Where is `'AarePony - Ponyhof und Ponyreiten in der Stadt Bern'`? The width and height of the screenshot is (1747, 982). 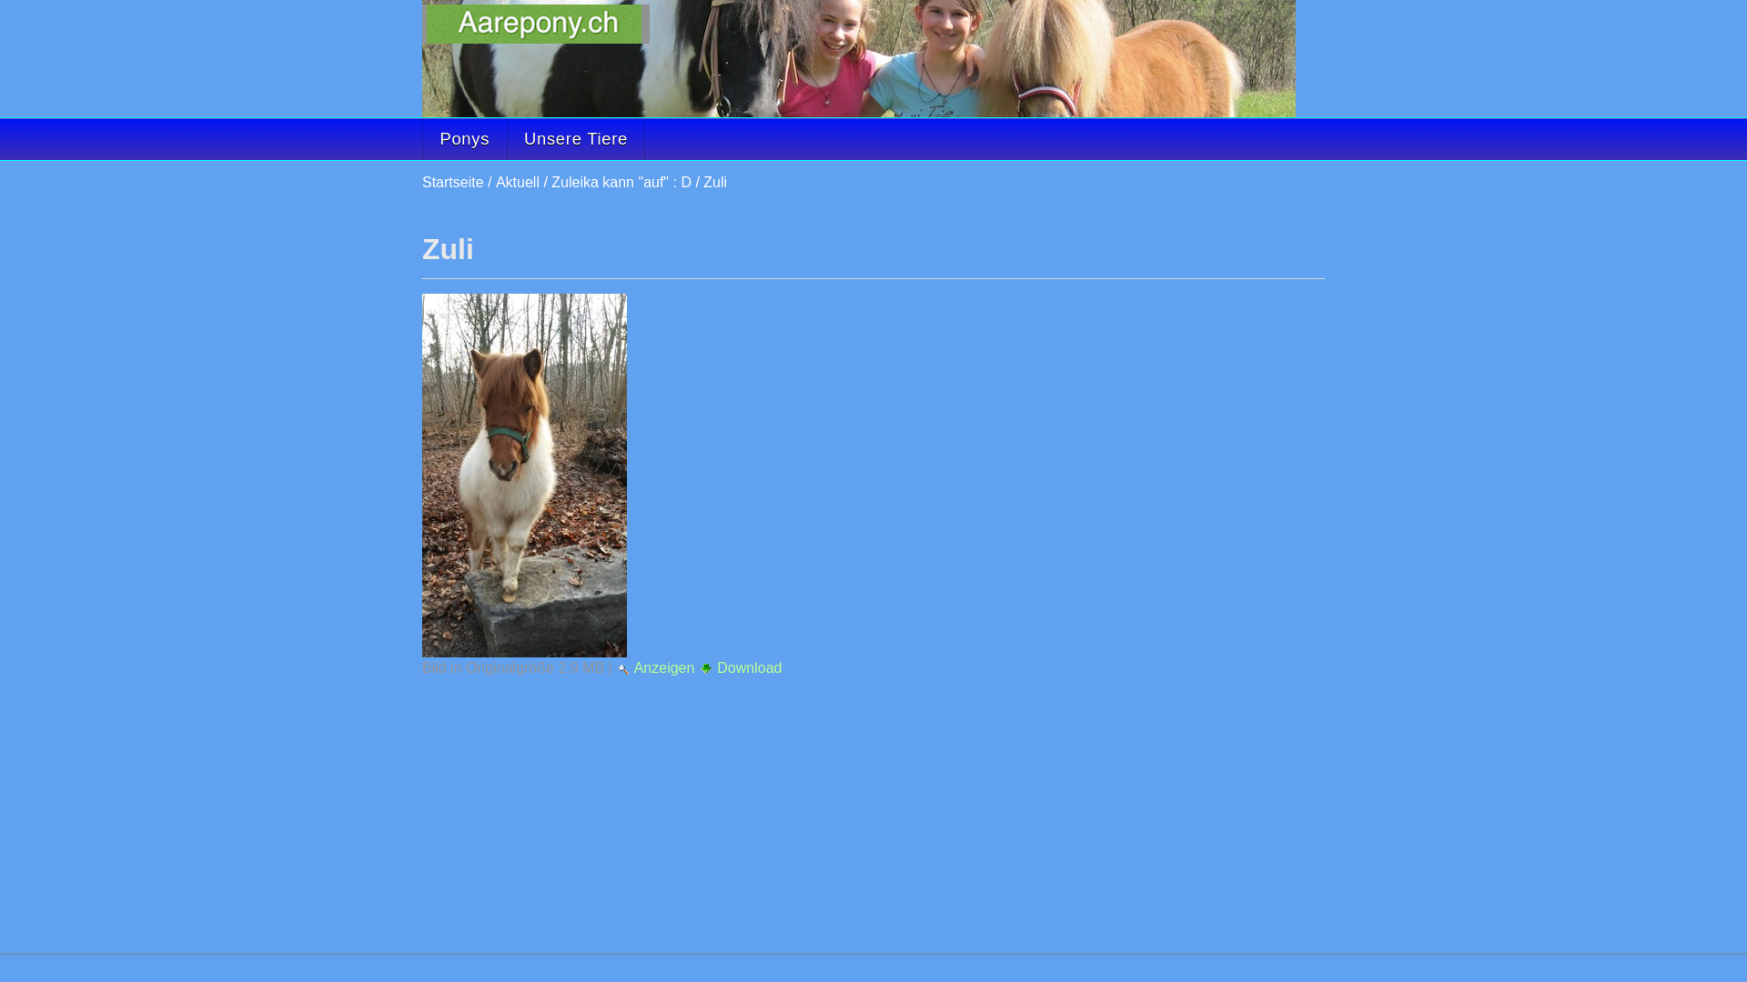
'AarePony - Ponyhof und Ponyreiten in der Stadt Bern' is located at coordinates (535, 24).